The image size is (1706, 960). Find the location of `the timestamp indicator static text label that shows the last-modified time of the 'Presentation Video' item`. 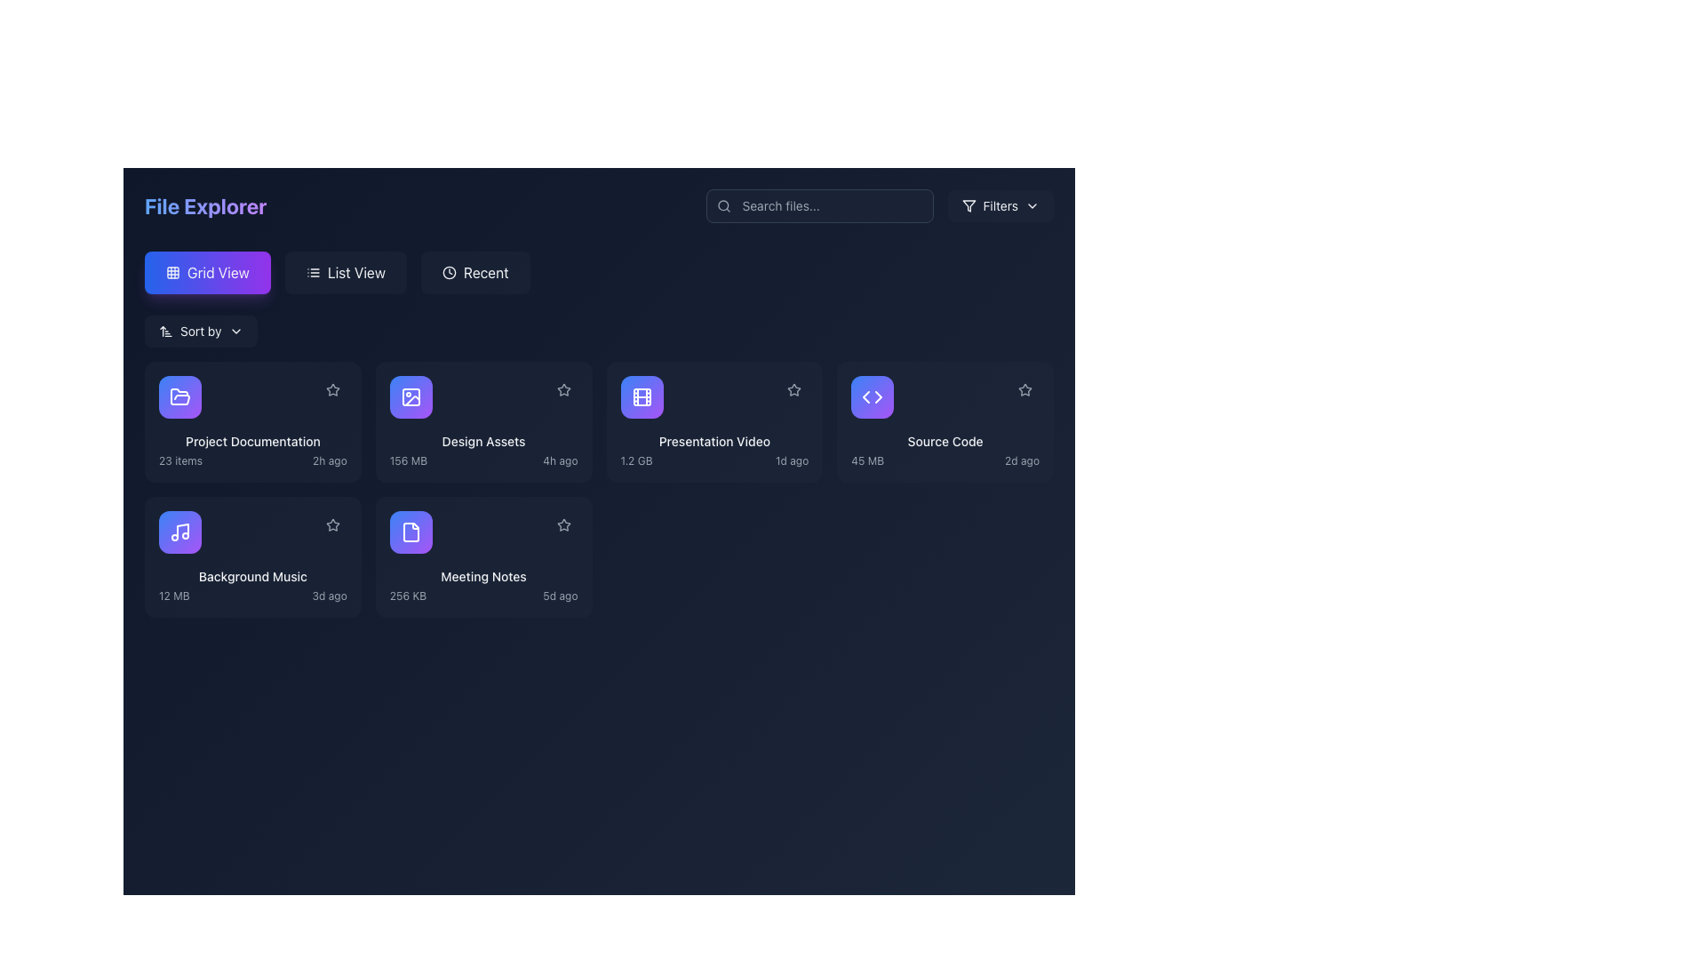

the timestamp indicator static text label that shows the last-modified time of the 'Presentation Video' item is located at coordinates (791, 460).